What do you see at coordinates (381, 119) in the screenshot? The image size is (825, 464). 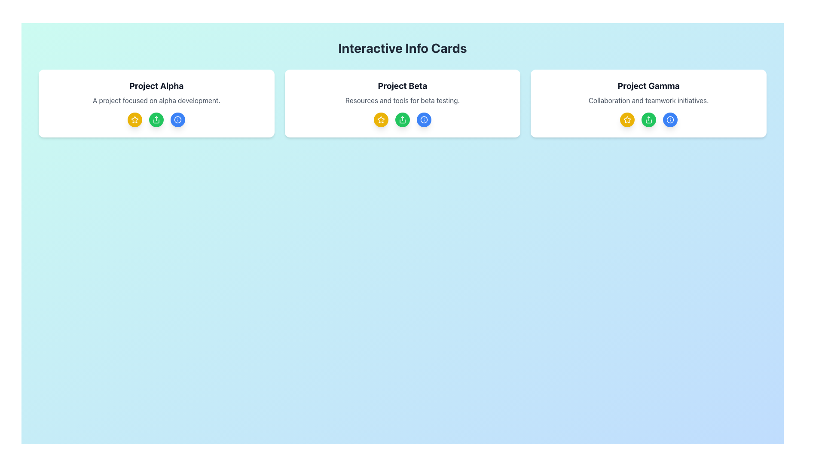 I see `the star icon button for the 'Project Beta' card, which is the leftmost icon in a row of three interactive icons beneath the card` at bounding box center [381, 119].